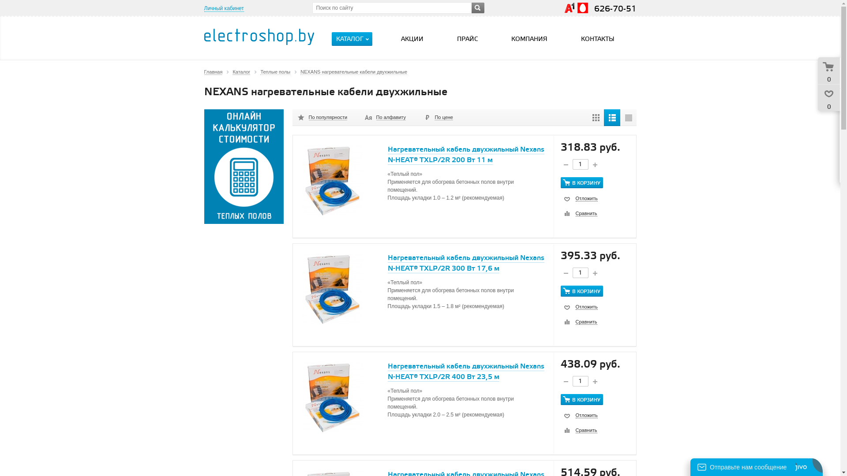  What do you see at coordinates (614, 9) in the screenshot?
I see `'626-70-51'` at bounding box center [614, 9].